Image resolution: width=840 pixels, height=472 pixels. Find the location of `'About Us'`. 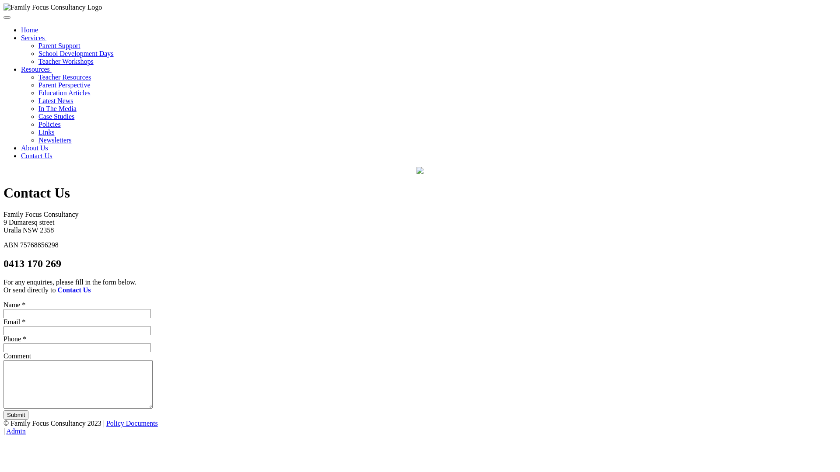

'About Us' is located at coordinates (21, 147).